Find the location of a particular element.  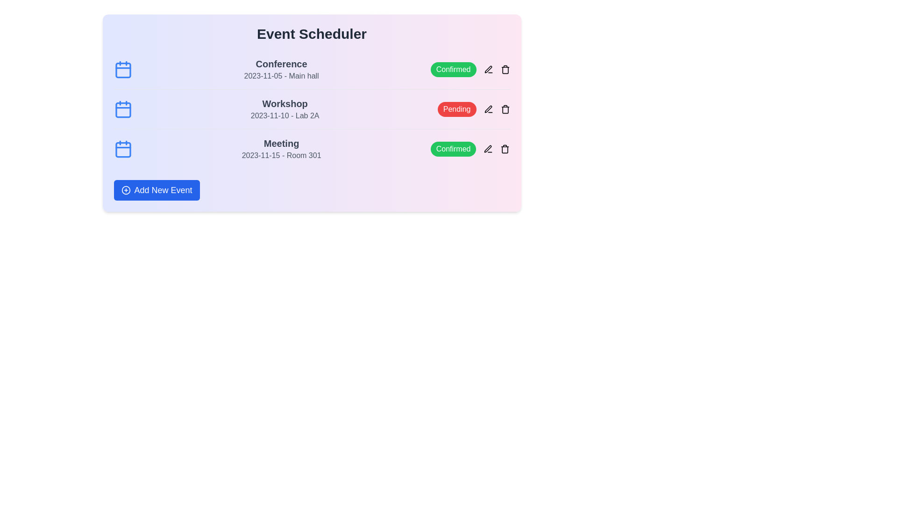

the delete button located to the immediate right of the edit pencil icon, which is the last element in the row for the 'Workshop' event entry, to initiate deletion is located at coordinates (505, 69).